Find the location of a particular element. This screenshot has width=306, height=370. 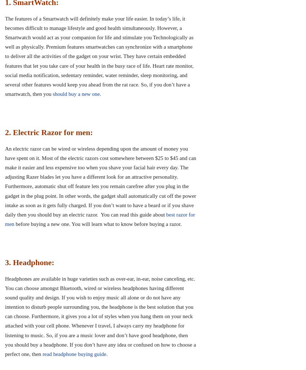

'should buy a new one' is located at coordinates (76, 94).